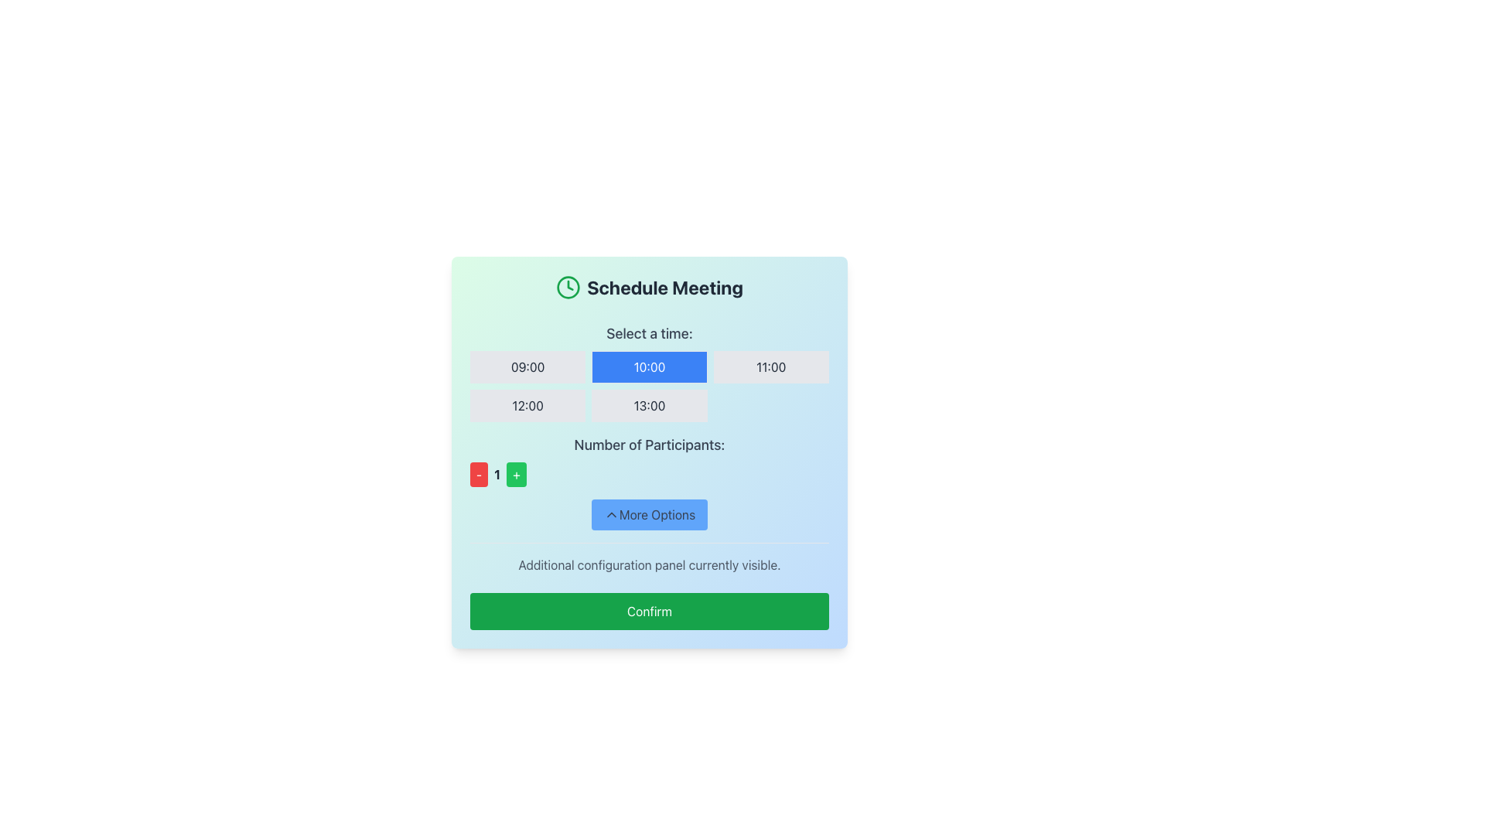 This screenshot has width=1485, height=835. What do you see at coordinates (650, 515) in the screenshot?
I see `the 'More Options' button with a rounded blue background, which contains a chevron arrow icon and the text in gray` at bounding box center [650, 515].